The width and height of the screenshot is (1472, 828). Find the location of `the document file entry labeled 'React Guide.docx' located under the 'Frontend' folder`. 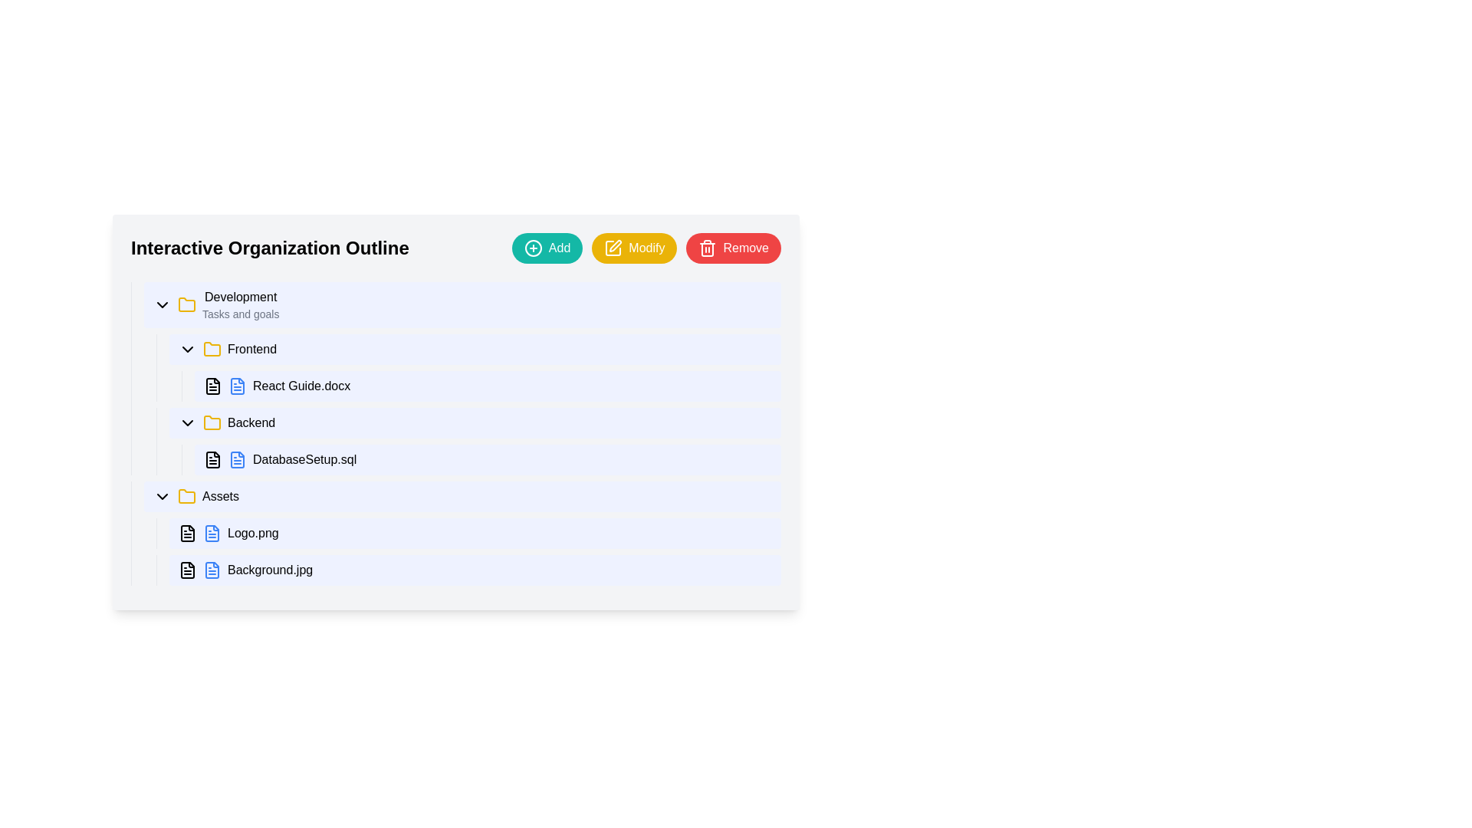

the document file entry labeled 'React Guide.docx' located under the 'Frontend' folder is located at coordinates (468, 367).